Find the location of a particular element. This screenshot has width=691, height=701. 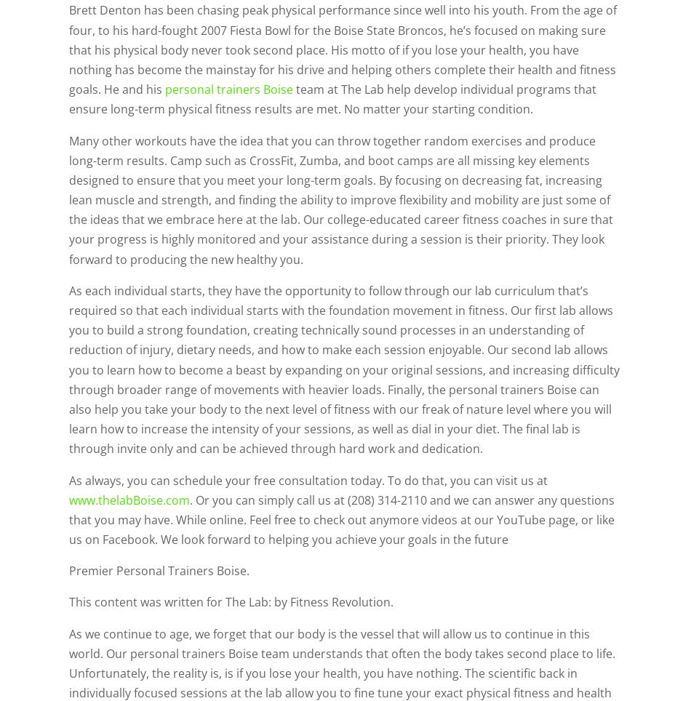

'personal trainers Boise' is located at coordinates (228, 89).